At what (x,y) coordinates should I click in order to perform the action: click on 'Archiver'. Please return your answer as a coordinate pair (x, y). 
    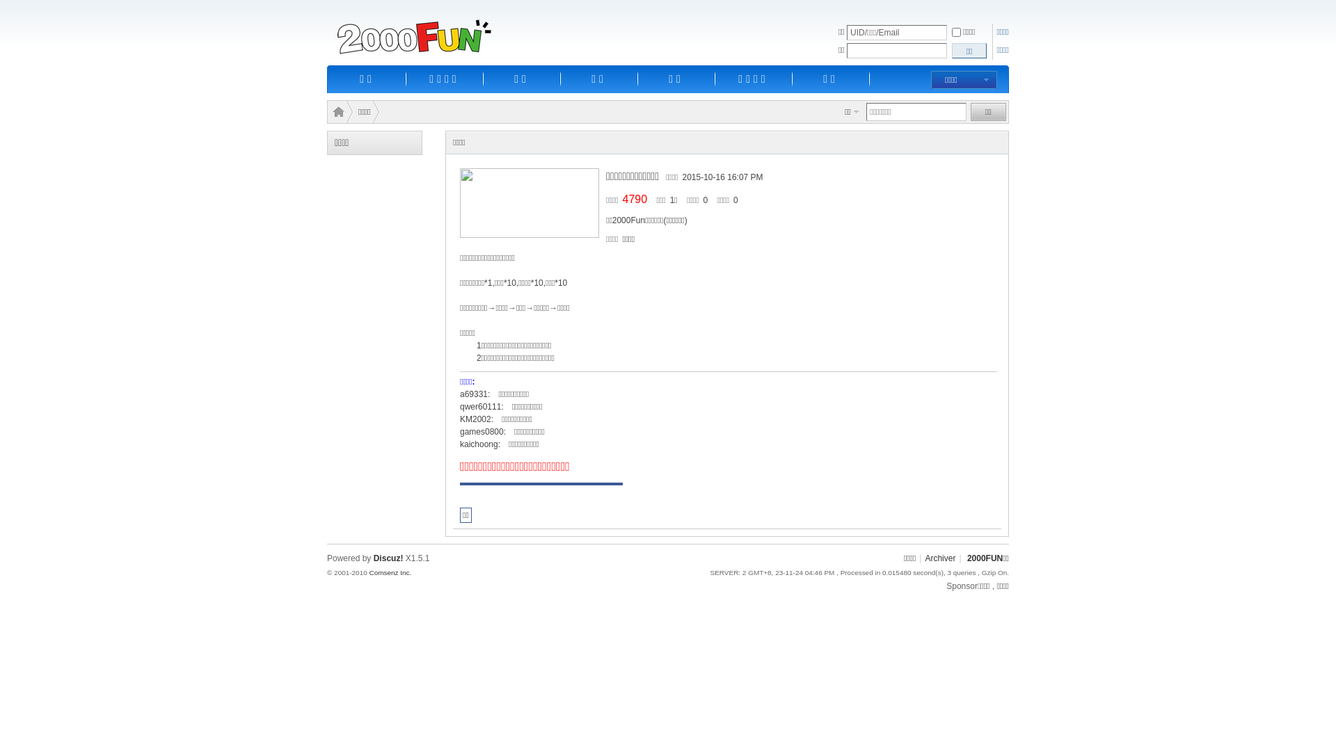
    Looking at the image, I should click on (939, 557).